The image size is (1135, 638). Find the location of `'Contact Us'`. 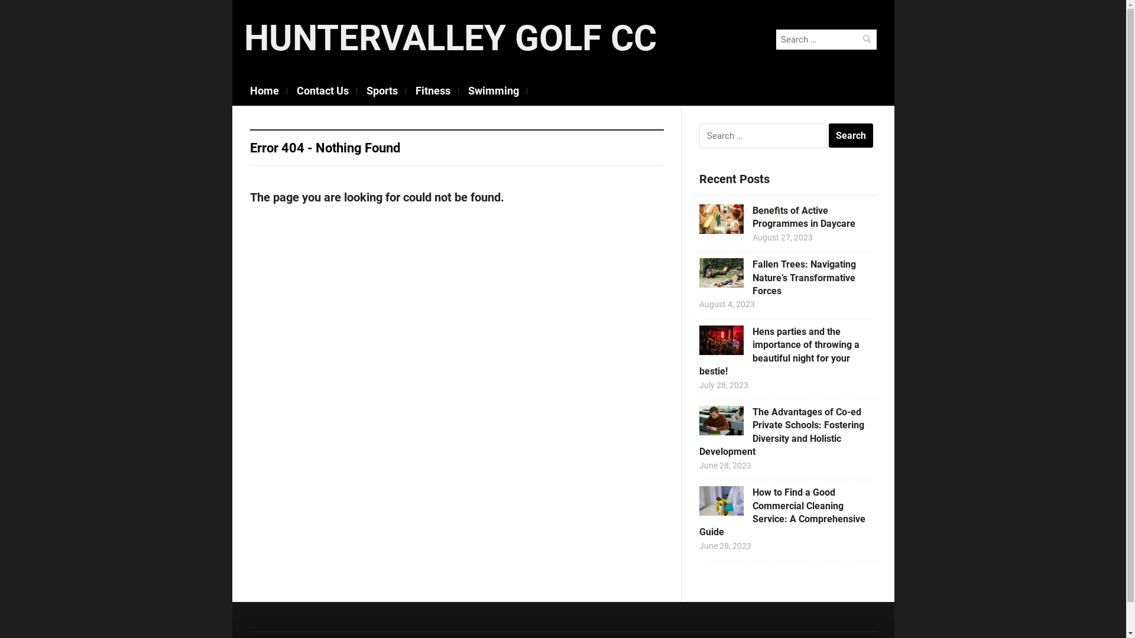

'Contact Us' is located at coordinates (287, 90).